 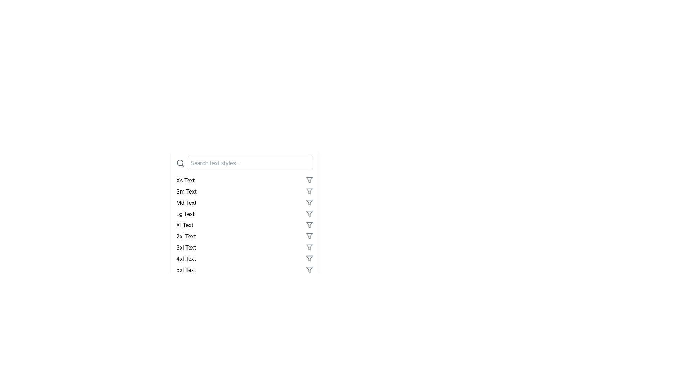 What do you see at coordinates (309, 202) in the screenshot?
I see `the triangular-shaped filter icon located at the third entry in the vertical list of options adjacent to the 'Md Text' label to apply or toggle a filter` at bounding box center [309, 202].